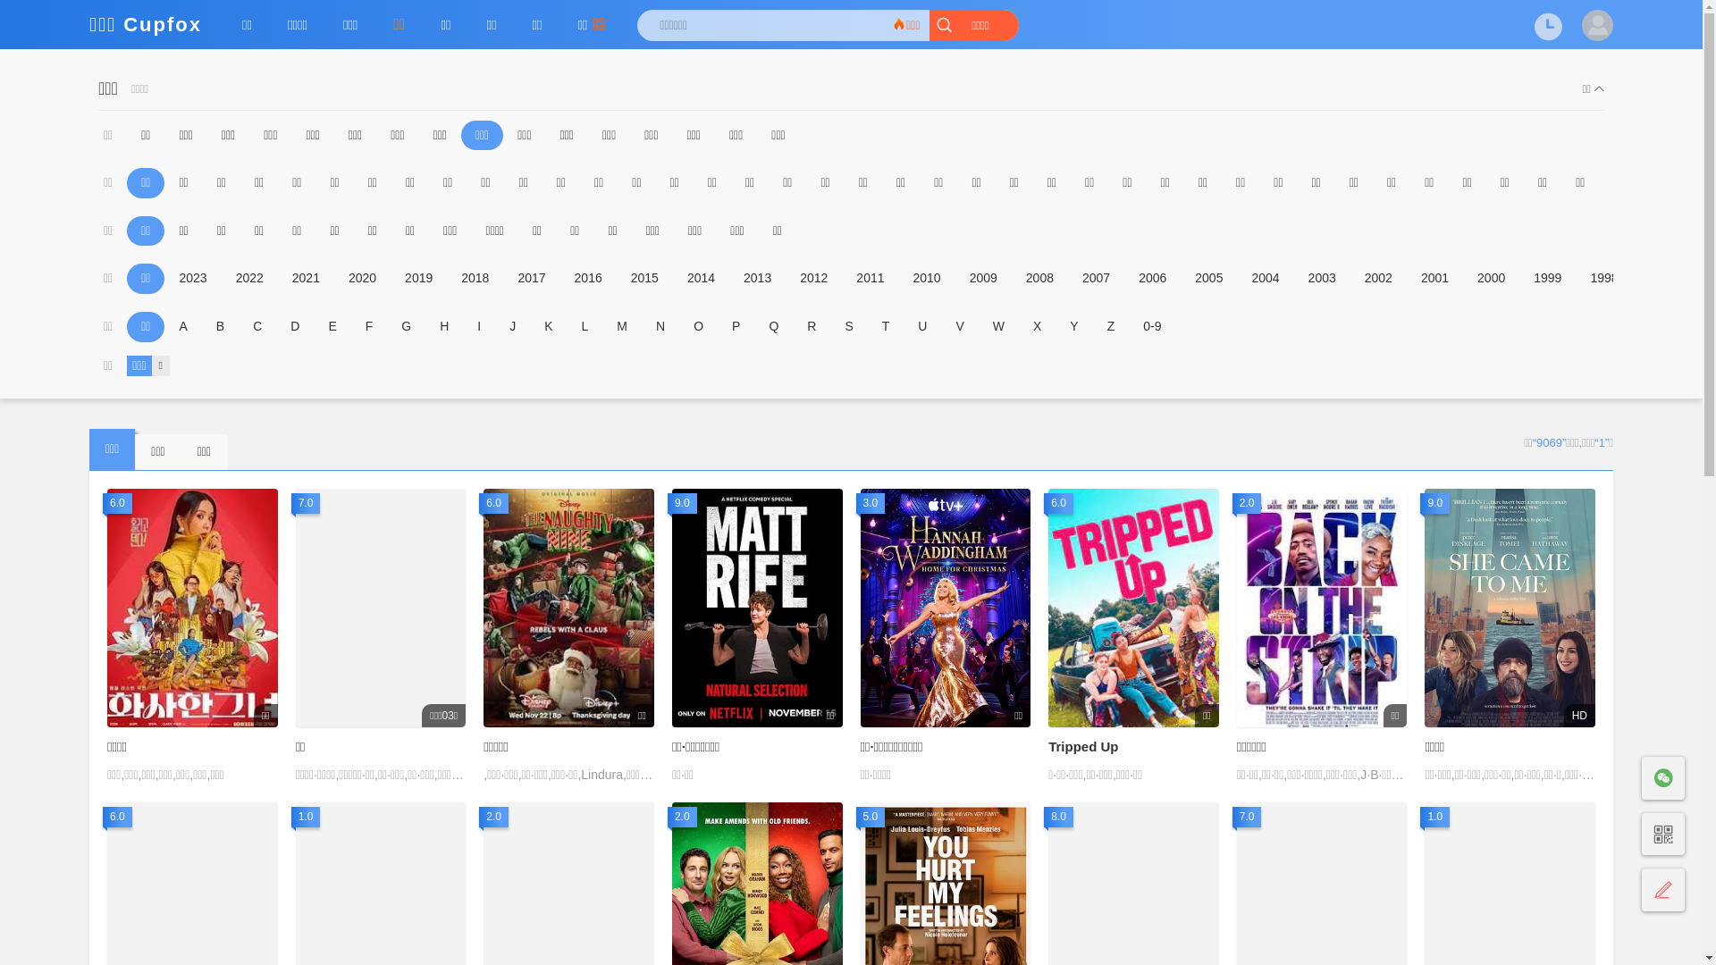 The width and height of the screenshot is (1716, 965). Describe the element at coordinates (295, 327) in the screenshot. I see `'D'` at that location.